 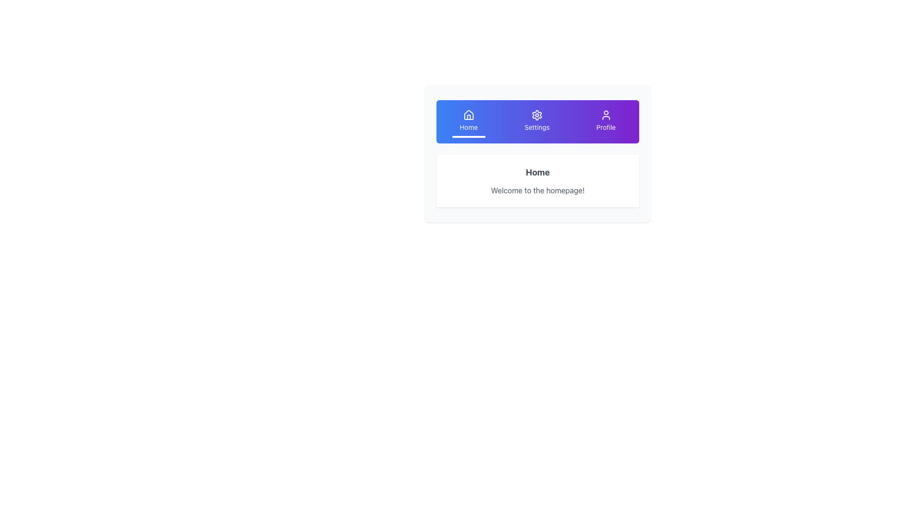 I want to click on the 'Settings' label in the Navigation Bar, so click(x=538, y=121).